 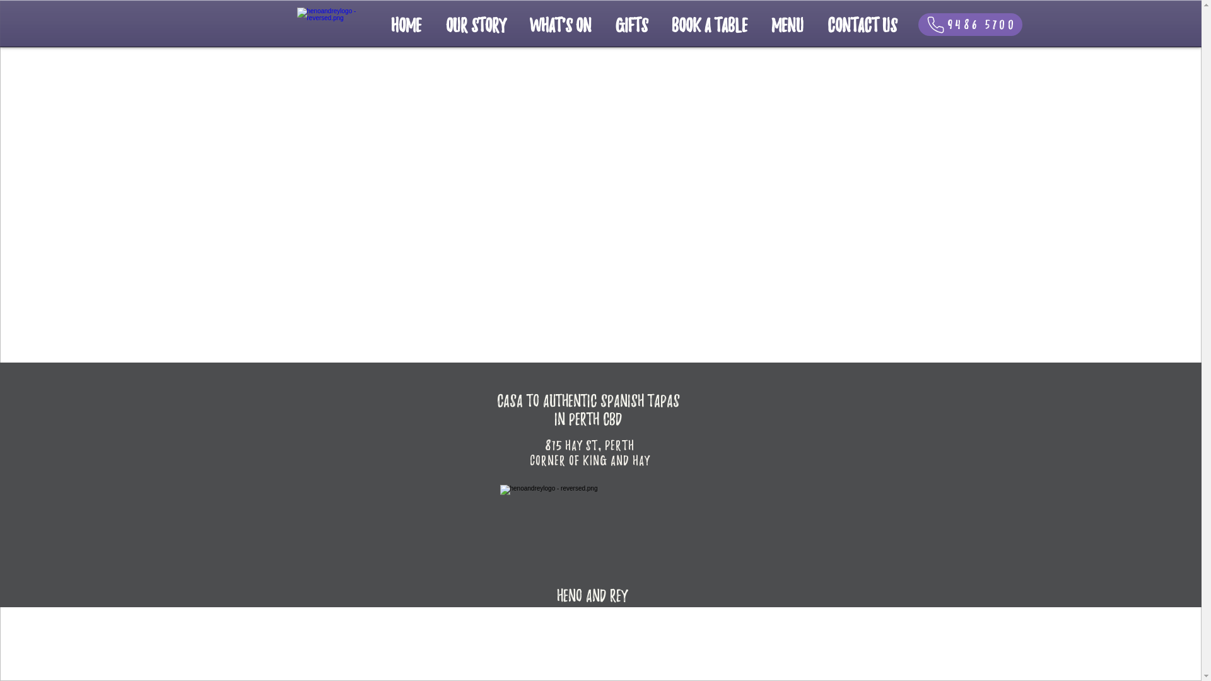 I want to click on '9486 5700', so click(x=969, y=24).